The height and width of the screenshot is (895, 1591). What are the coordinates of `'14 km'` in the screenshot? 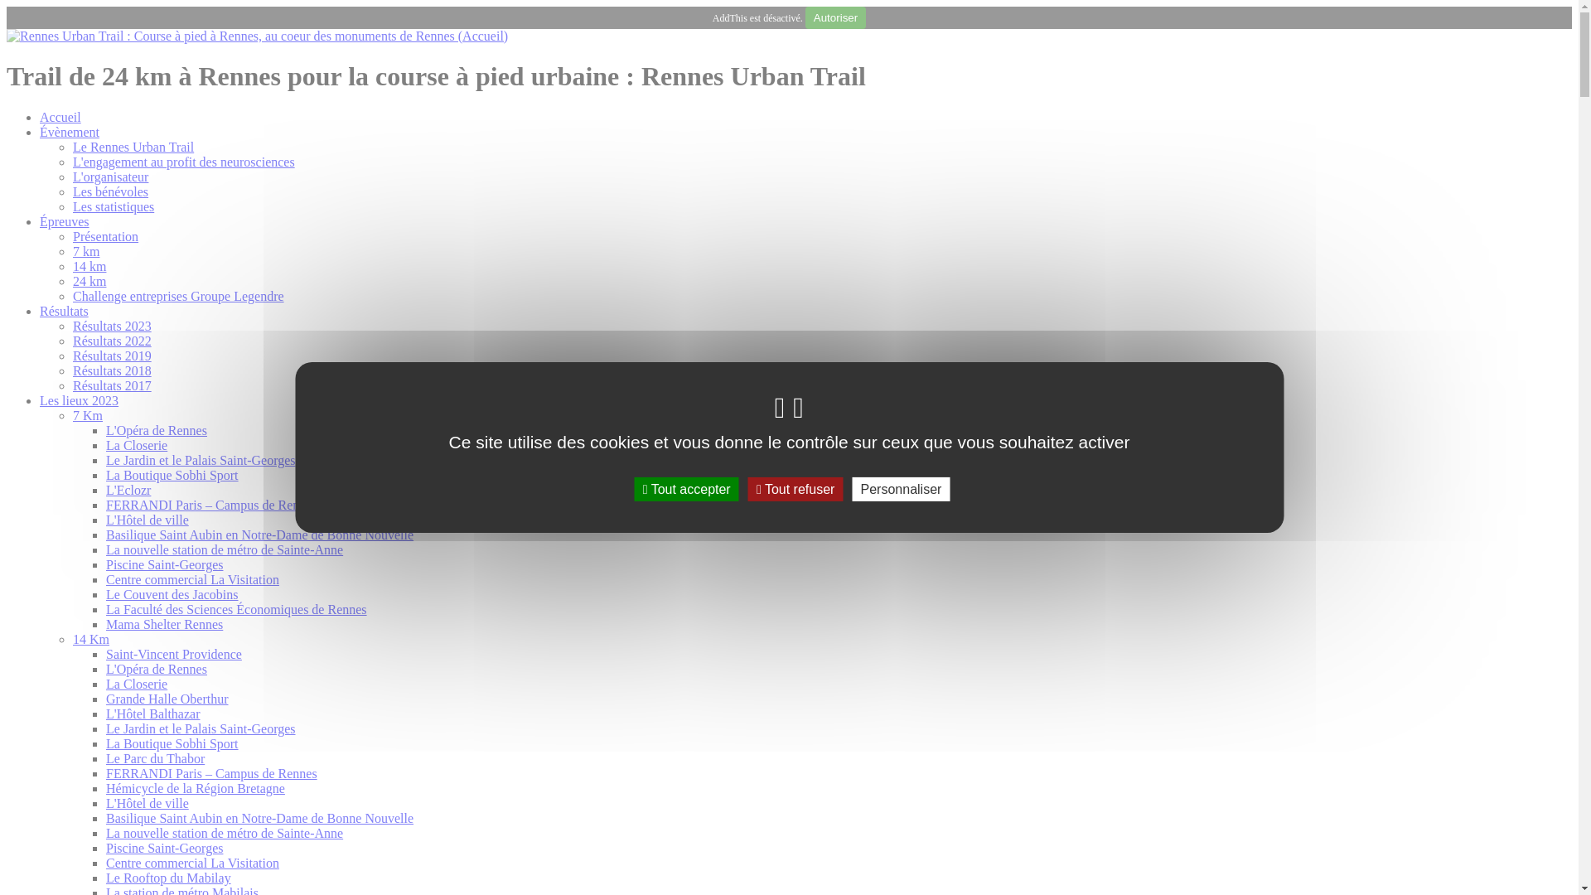 It's located at (88, 265).